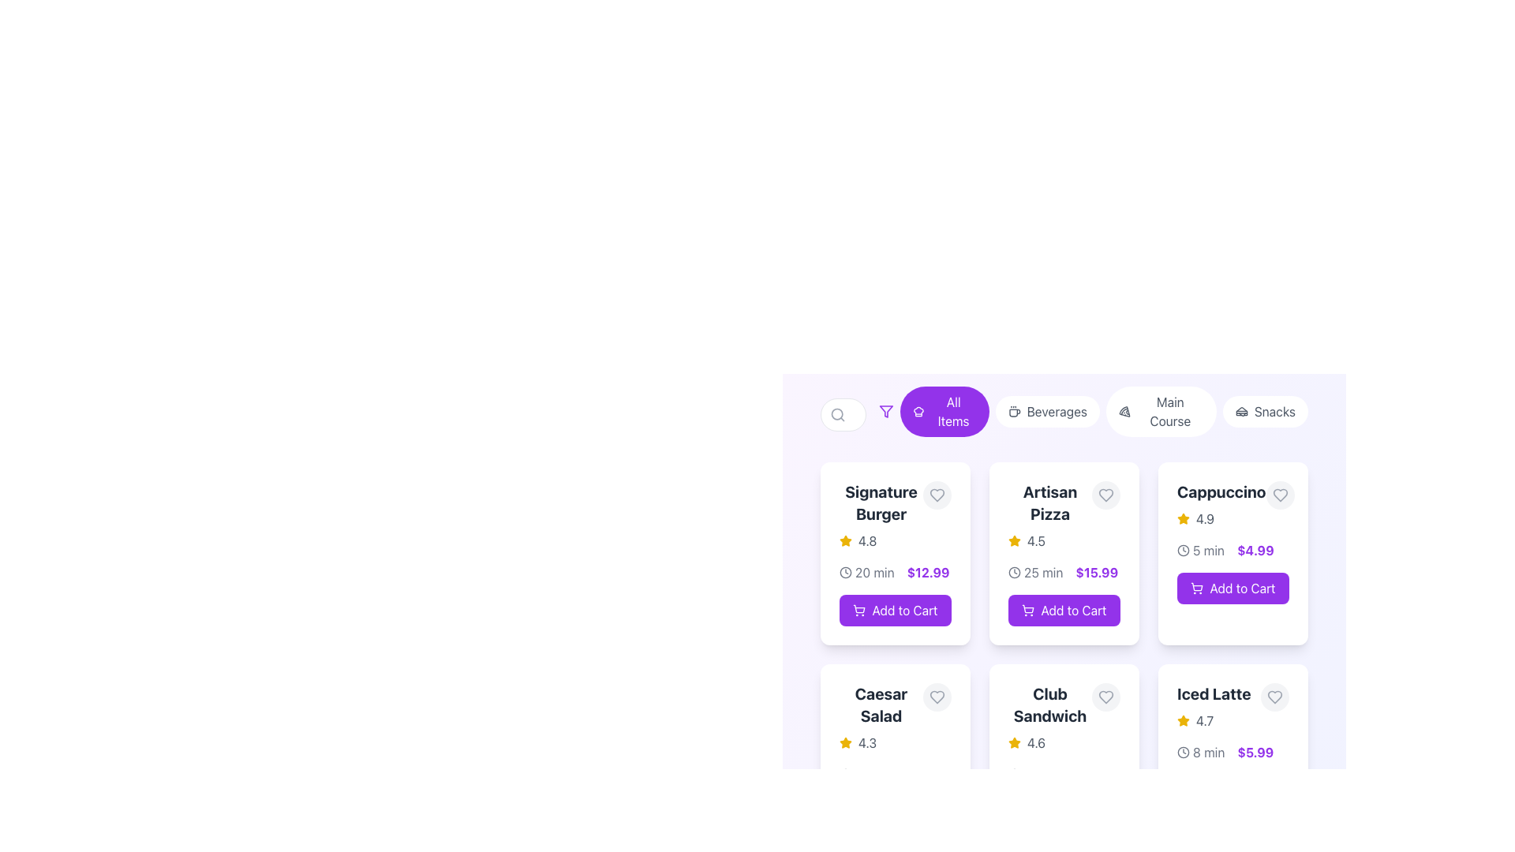 The width and height of the screenshot is (1515, 852). I want to click on the circular icon button with a heart outline located at the top-right corner of the card displaying 'Iced Latte', so click(1275, 696).